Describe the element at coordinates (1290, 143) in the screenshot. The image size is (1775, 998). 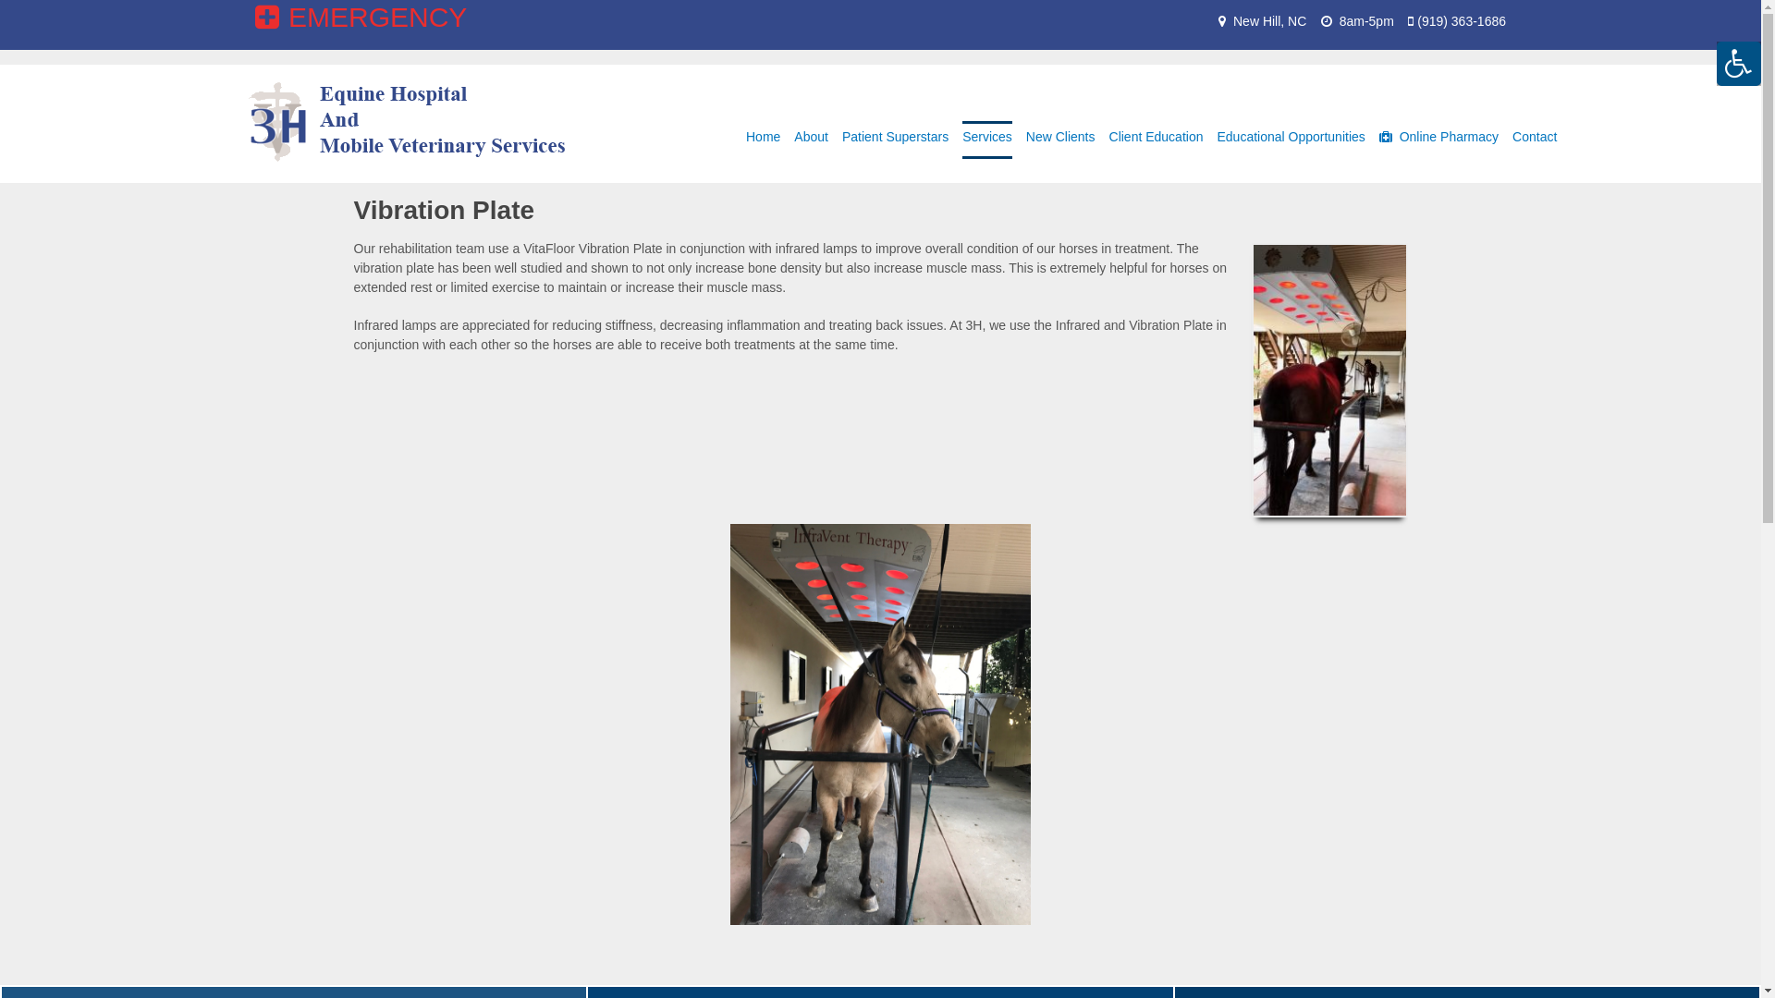
I see `'Educational Opportunities'` at that location.